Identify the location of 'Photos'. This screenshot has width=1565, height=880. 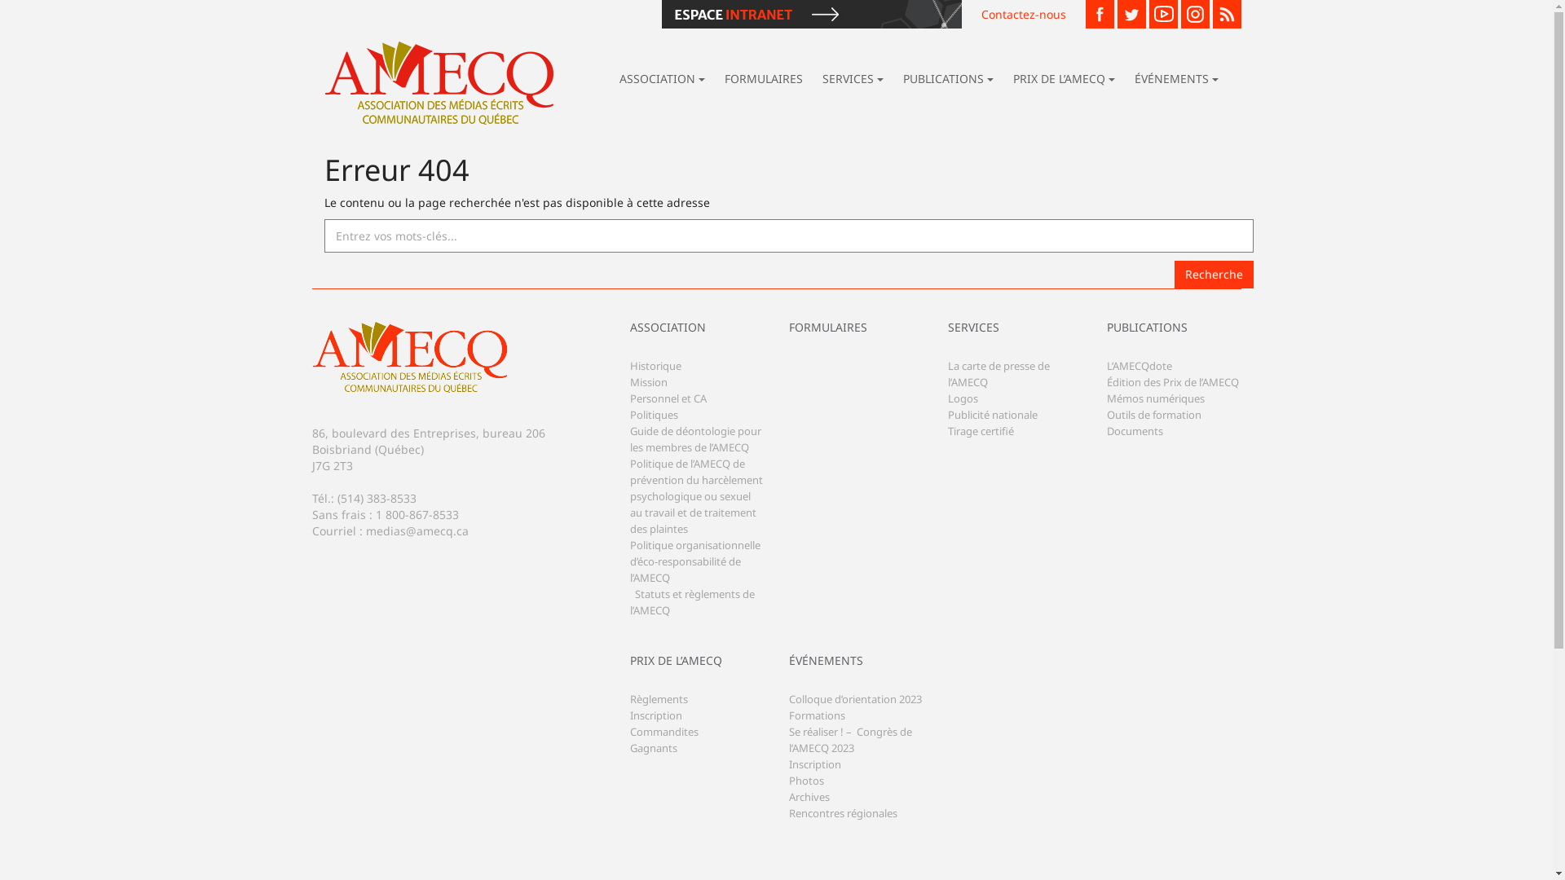
(789, 791).